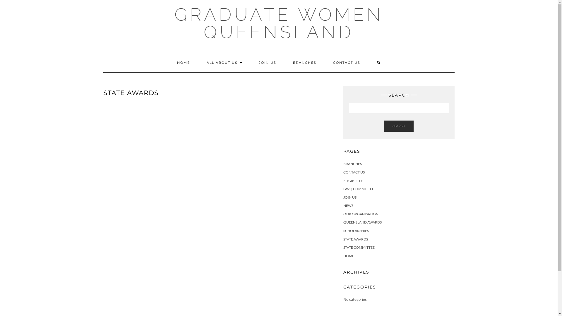 The height and width of the screenshot is (316, 562). What do you see at coordinates (224, 62) in the screenshot?
I see `'ALL ABOUT US'` at bounding box center [224, 62].